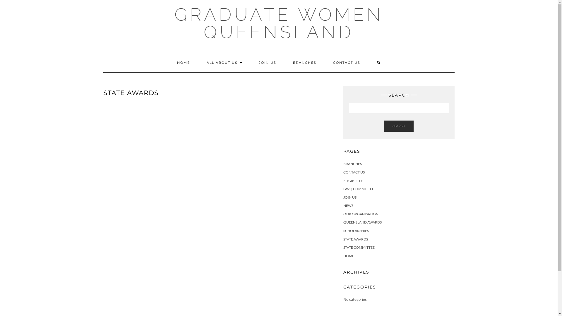 The height and width of the screenshot is (316, 562). What do you see at coordinates (224, 62) in the screenshot?
I see `'ALL ABOUT US'` at bounding box center [224, 62].